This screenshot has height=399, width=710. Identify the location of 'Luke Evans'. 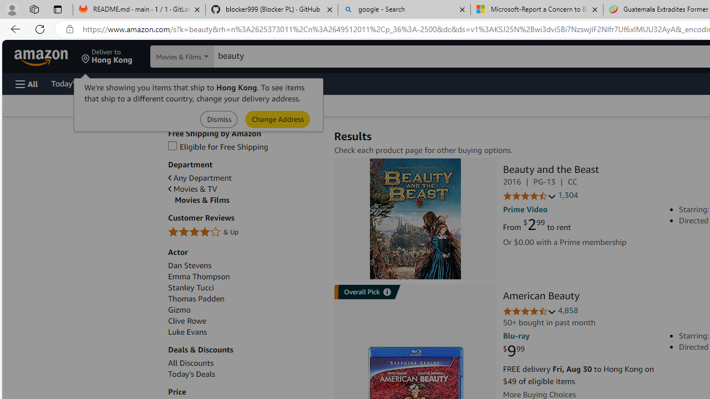
(187, 331).